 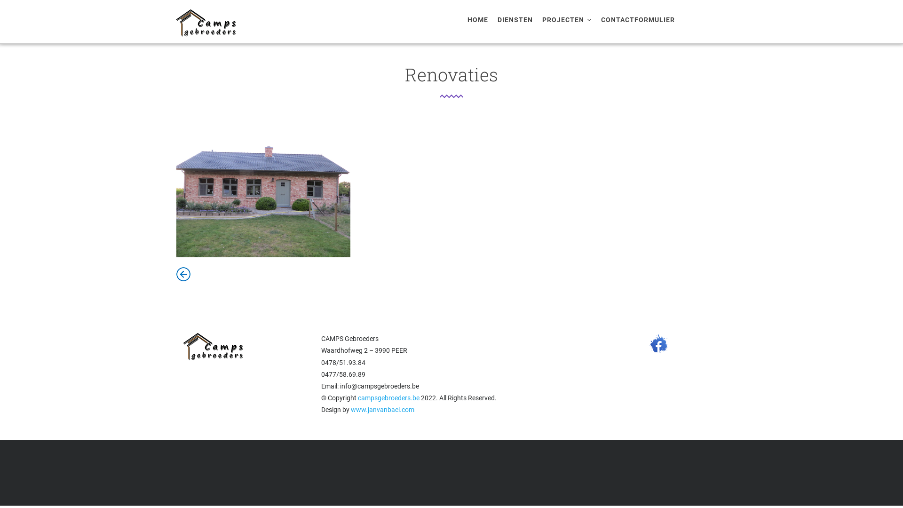 What do you see at coordinates (382, 409) in the screenshot?
I see `'www.janvanbael.com'` at bounding box center [382, 409].